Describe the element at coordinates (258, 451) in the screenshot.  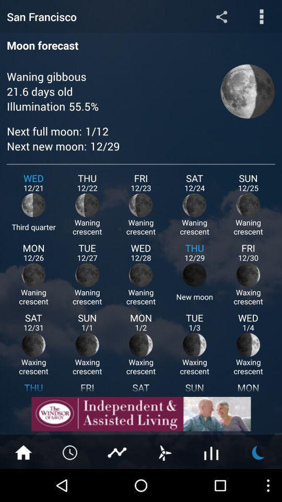
I see `night mode` at that location.